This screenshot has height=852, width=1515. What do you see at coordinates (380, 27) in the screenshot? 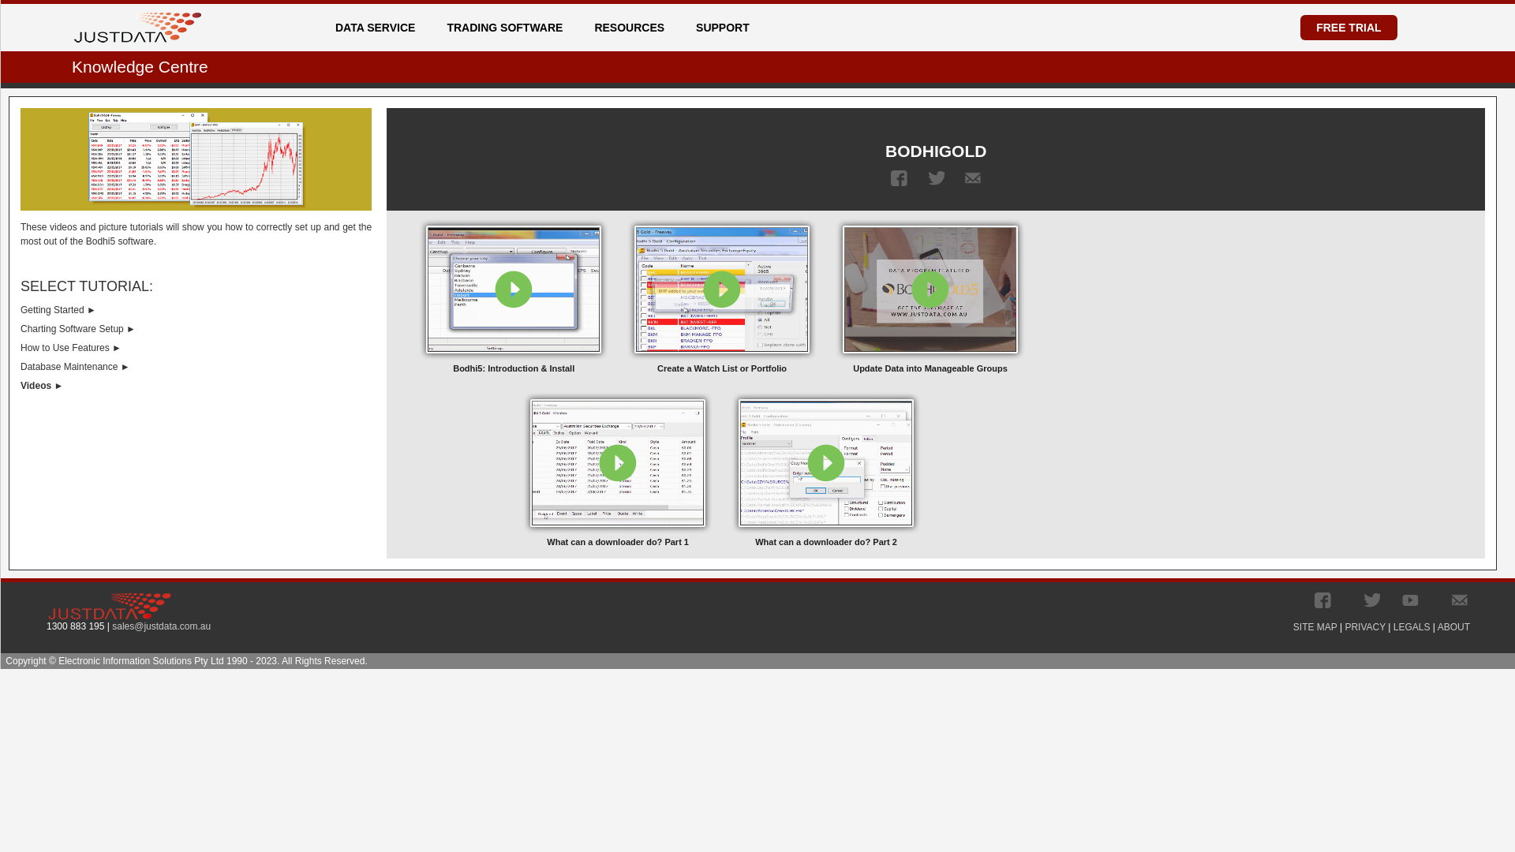
I see `'DATA SERVICE'` at bounding box center [380, 27].